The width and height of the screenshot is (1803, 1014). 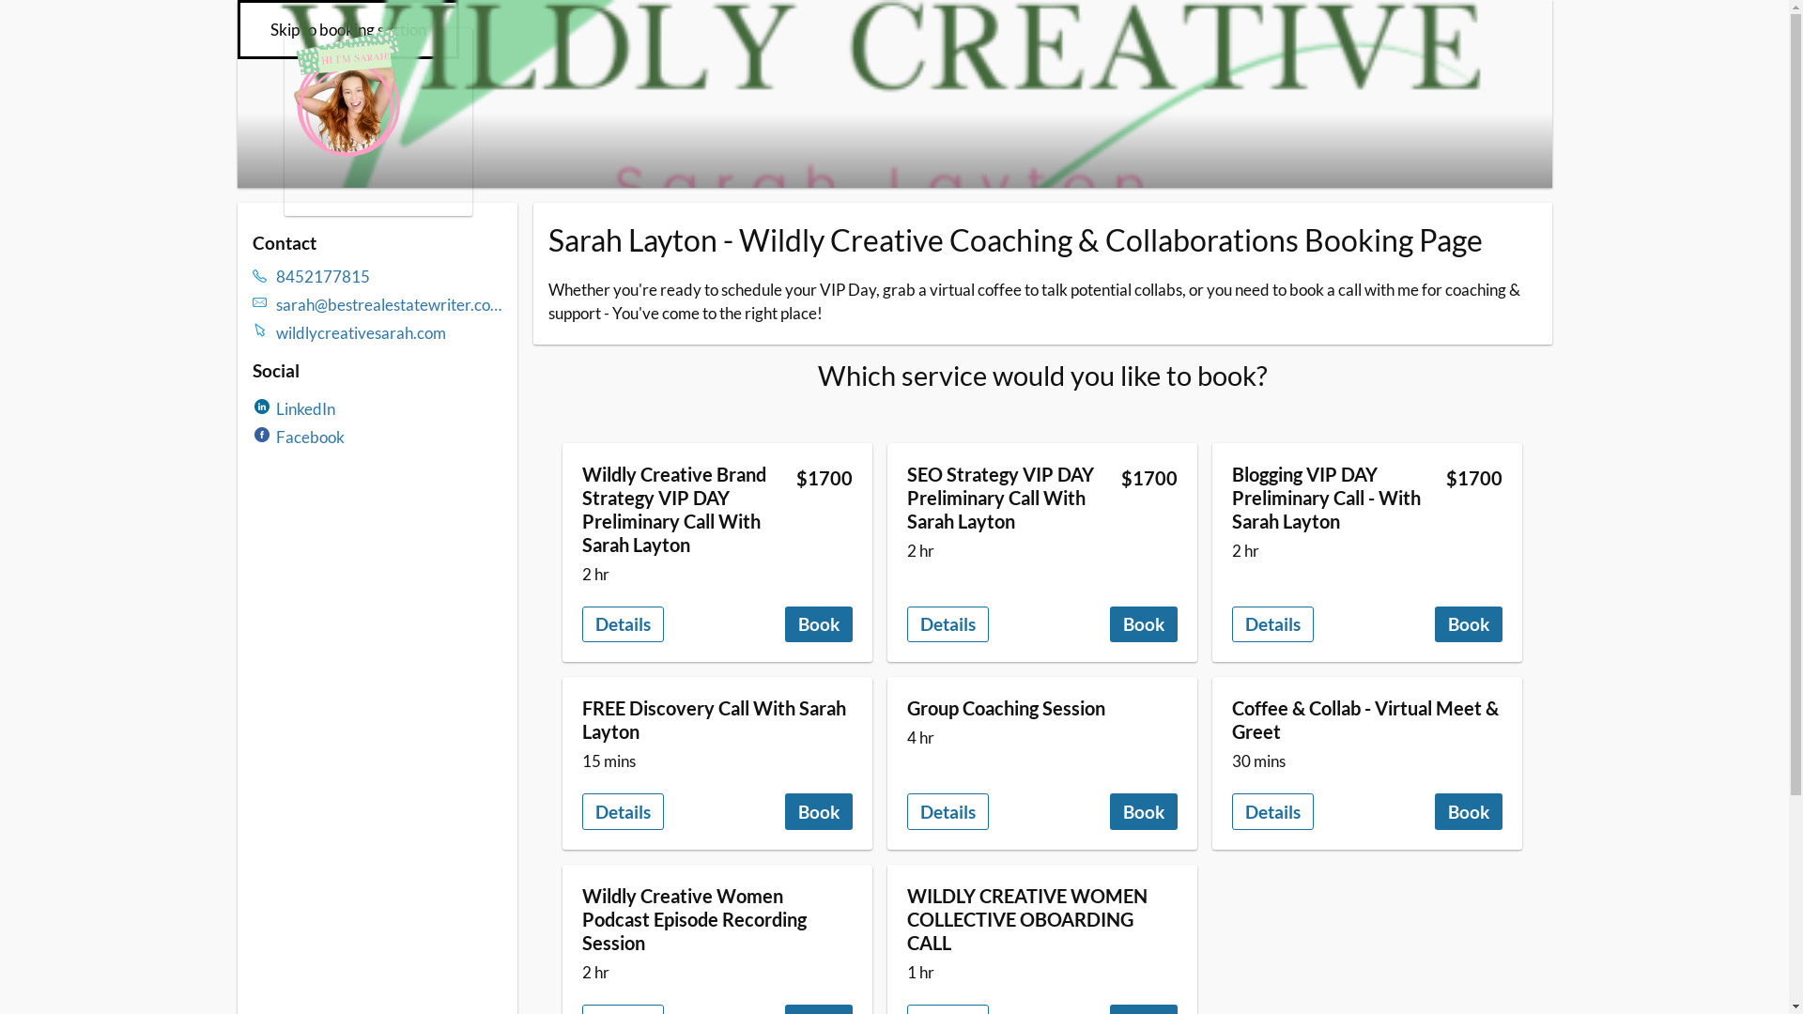 What do you see at coordinates (388, 276) in the screenshot?
I see `'8452177815'` at bounding box center [388, 276].